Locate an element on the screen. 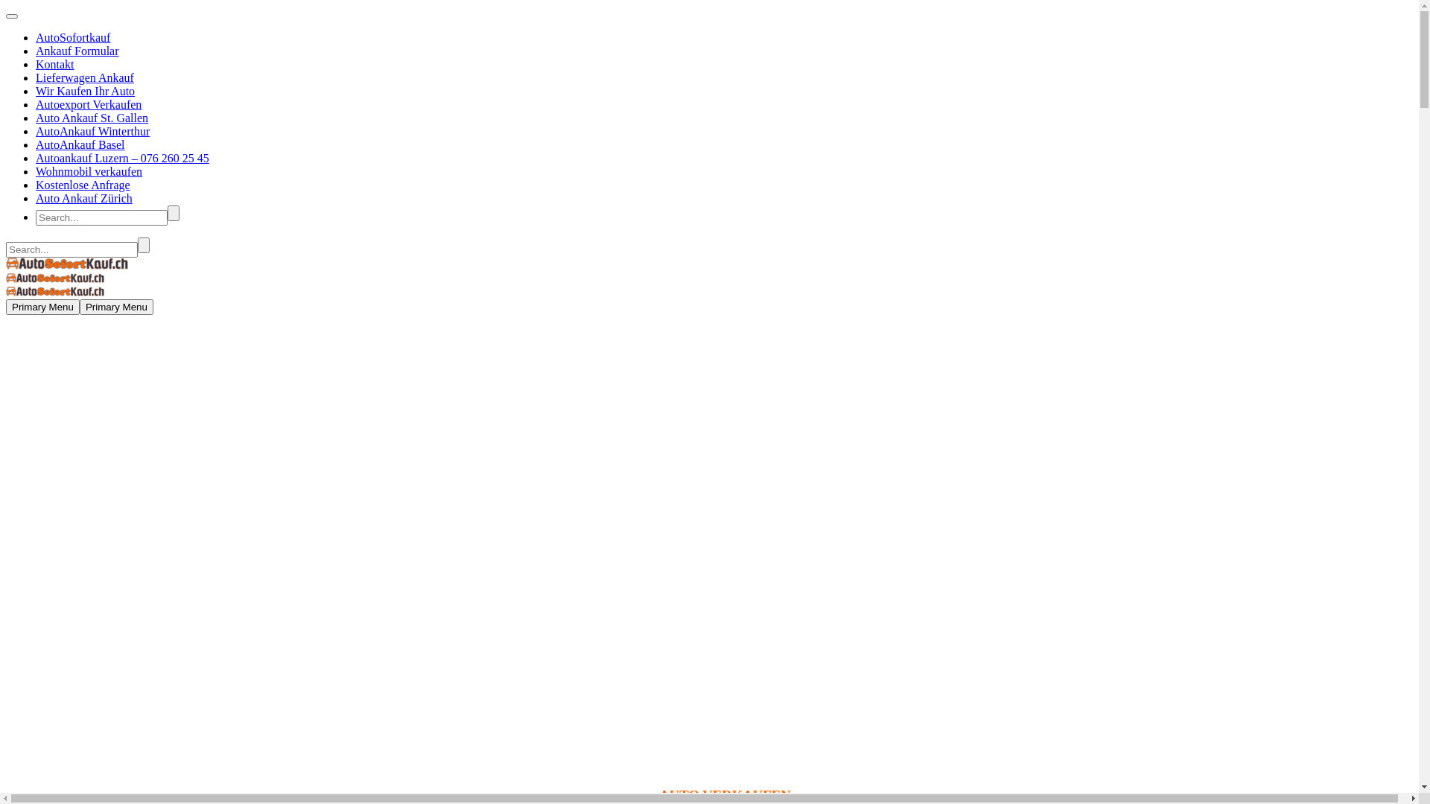 The image size is (1430, 804). 'Wir Kaufen Ihr Auto' is located at coordinates (84, 91).